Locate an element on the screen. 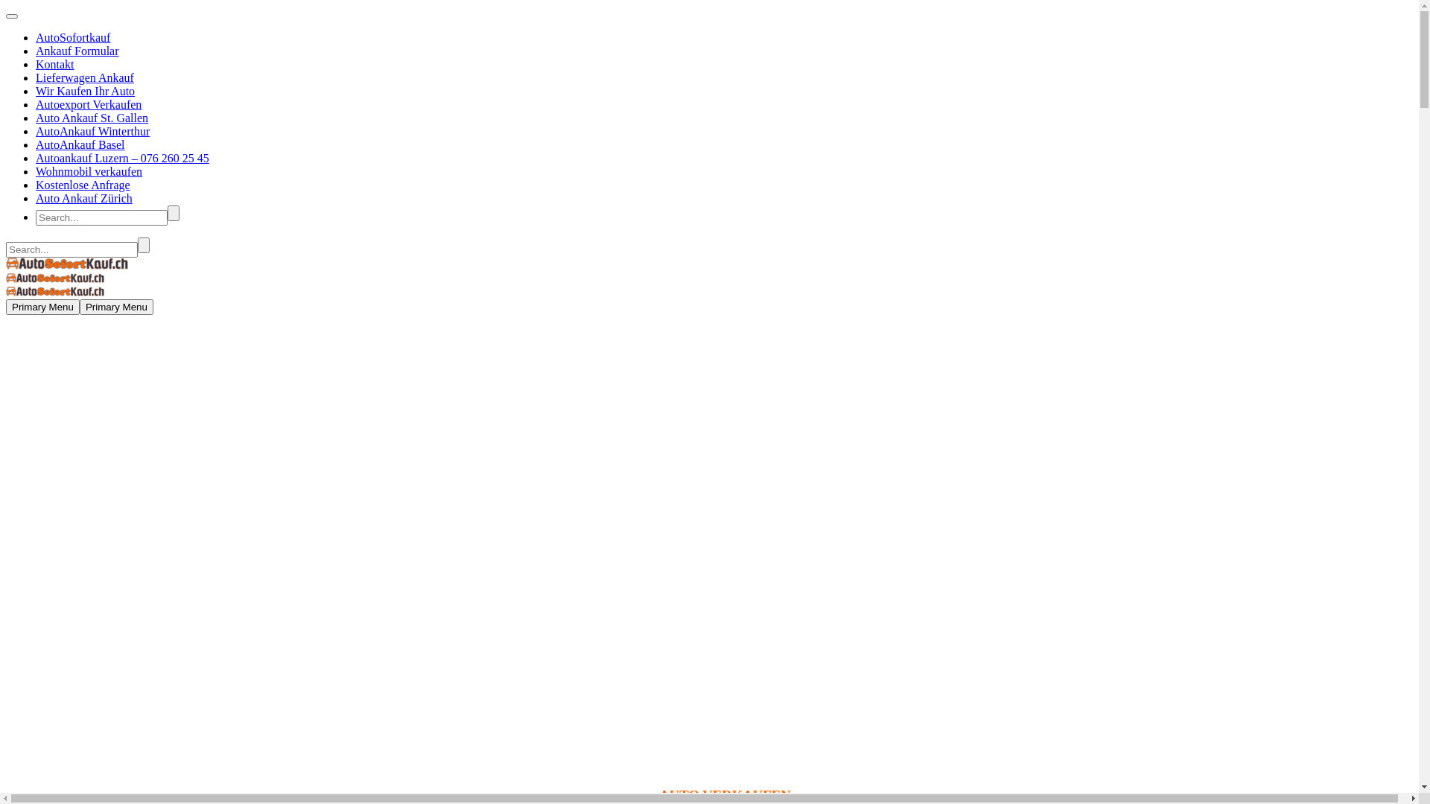 The image size is (1430, 804). 'Wir Kaufen Ihr Auto' is located at coordinates (84, 91).